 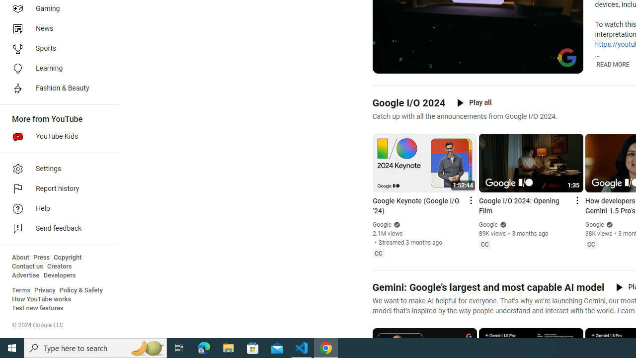 I want to click on 'Google I/O 2024', so click(x=409, y=102).